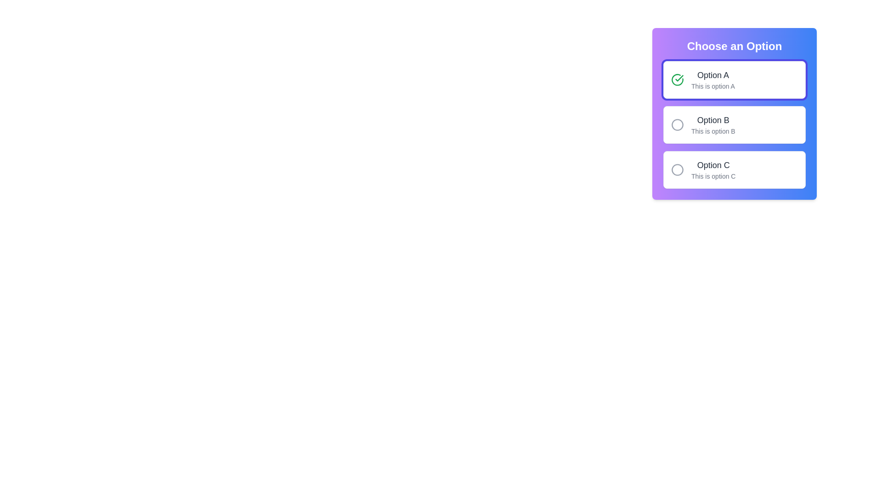  What do you see at coordinates (713, 164) in the screenshot?
I see `the static text element that reads 'Option C', which is part of the selectable options list under 'Choose an Option'` at bounding box center [713, 164].